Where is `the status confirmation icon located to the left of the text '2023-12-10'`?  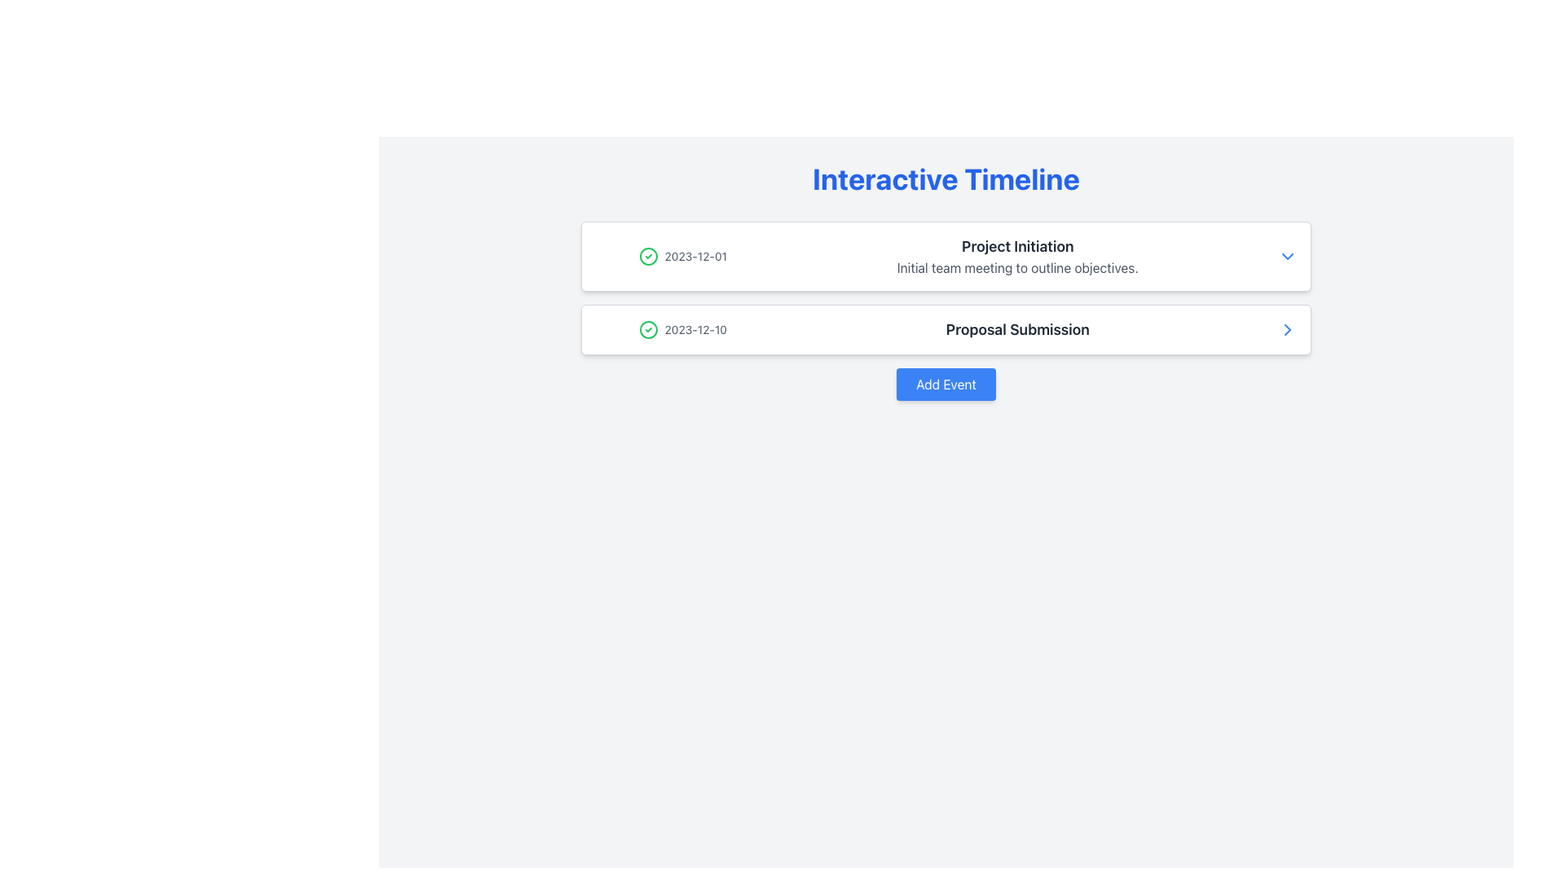 the status confirmation icon located to the left of the text '2023-12-10' is located at coordinates (647, 330).